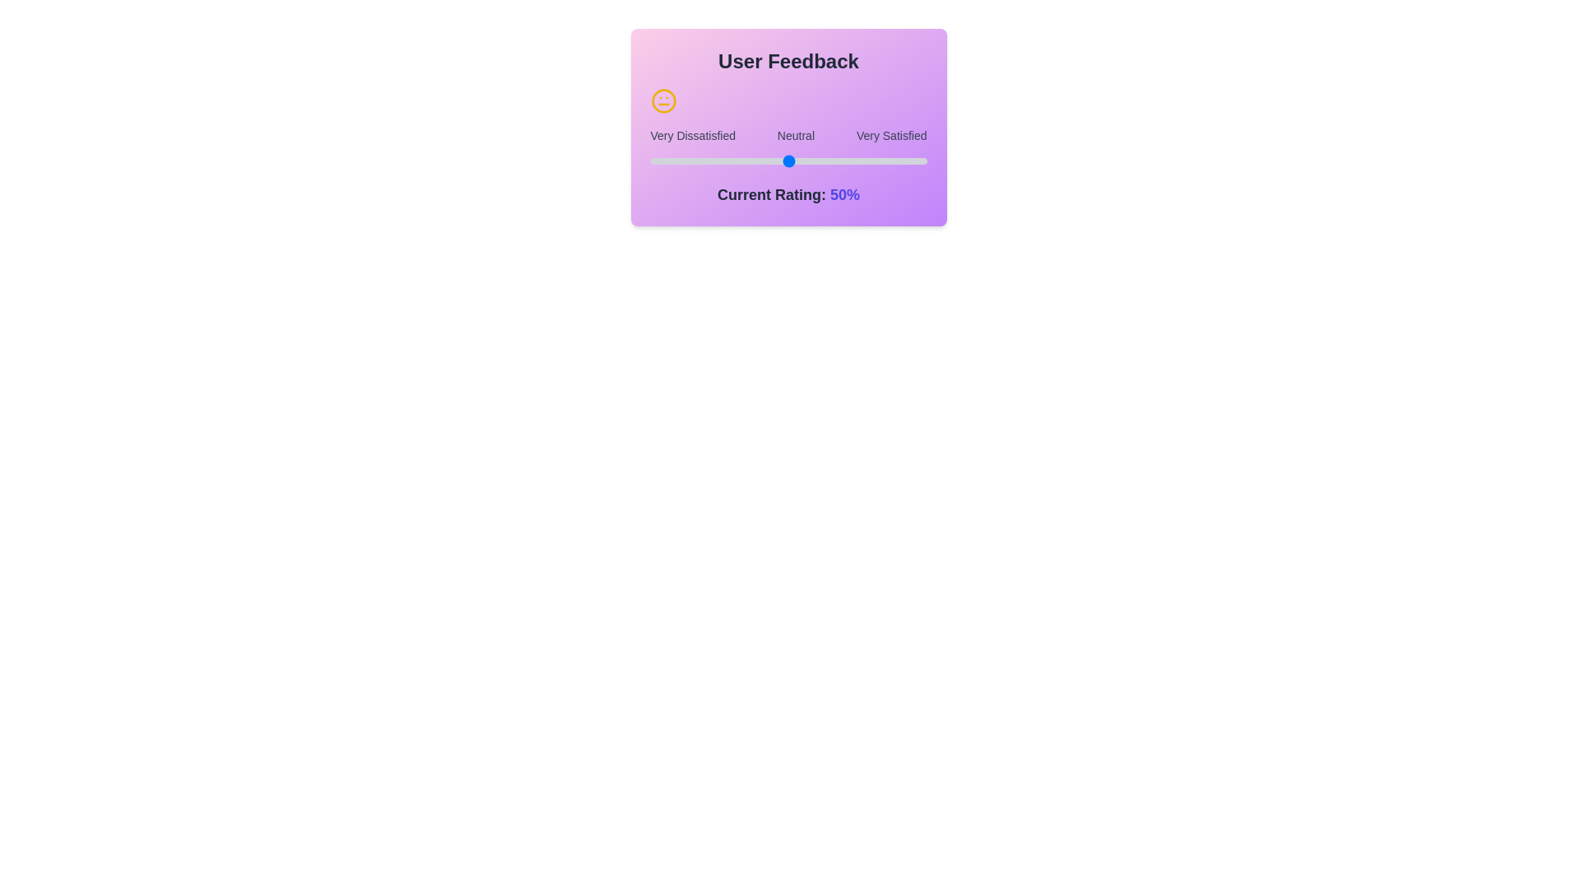 This screenshot has width=1580, height=889. What do you see at coordinates (649, 161) in the screenshot?
I see `the slider to set the rating to 91%` at bounding box center [649, 161].